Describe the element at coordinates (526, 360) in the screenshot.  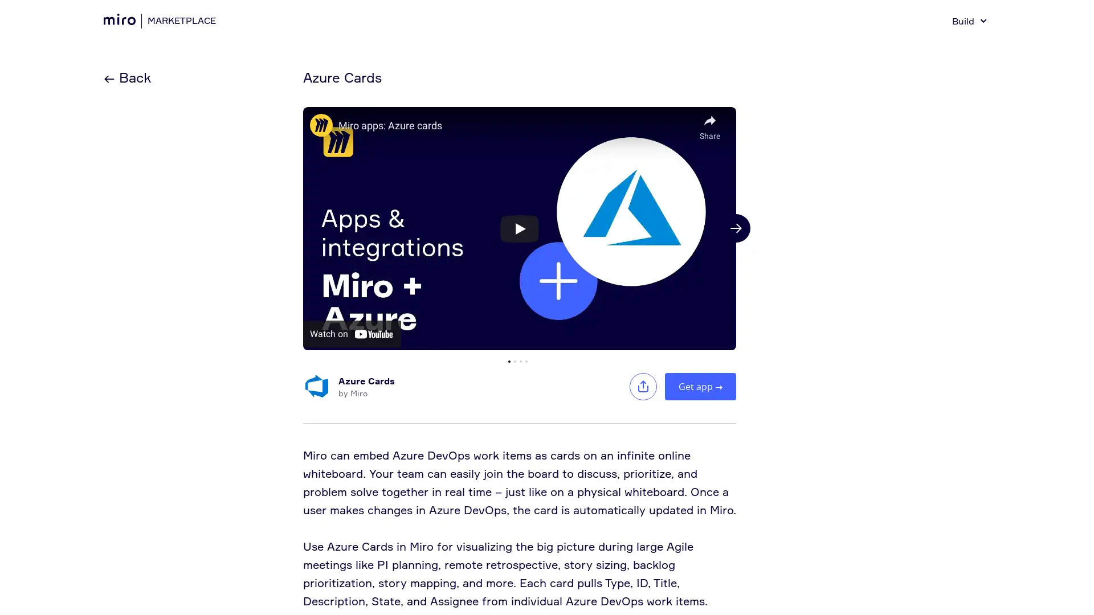
I see `Go to slide 4` at that location.